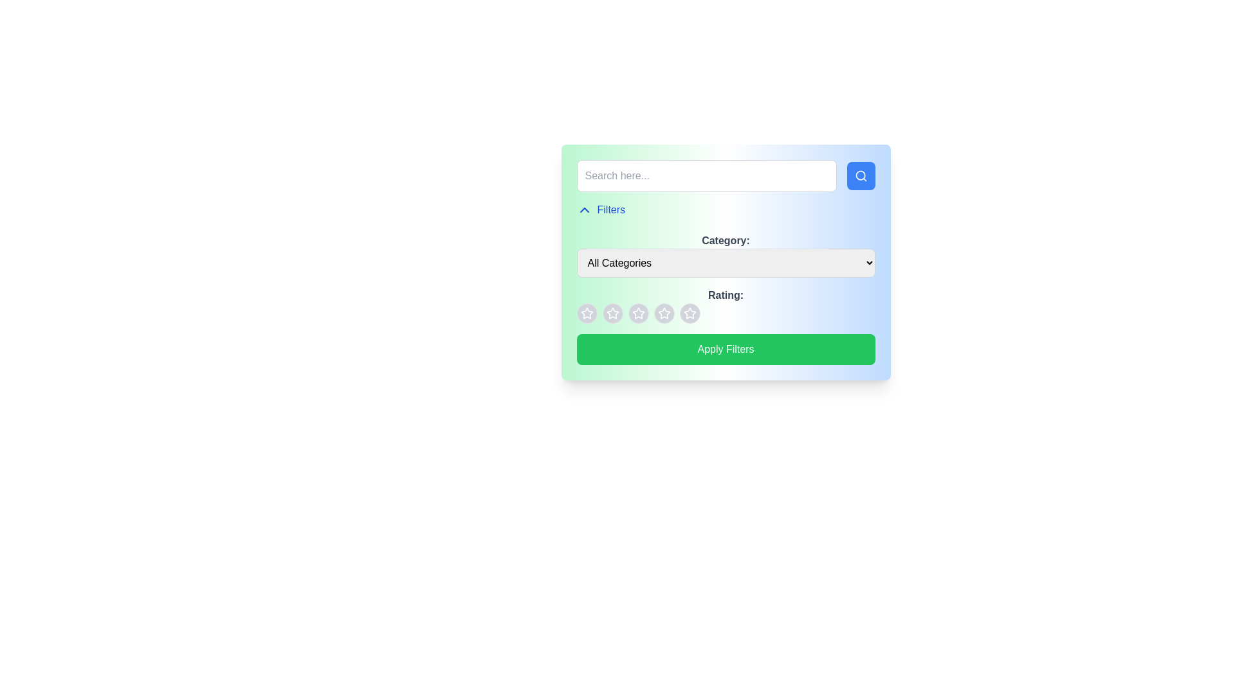 Image resolution: width=1235 pixels, height=694 pixels. What do you see at coordinates (860, 175) in the screenshot?
I see `the decorative circle of the magnifying glass icon located to the right of the search input field in the filter panel` at bounding box center [860, 175].